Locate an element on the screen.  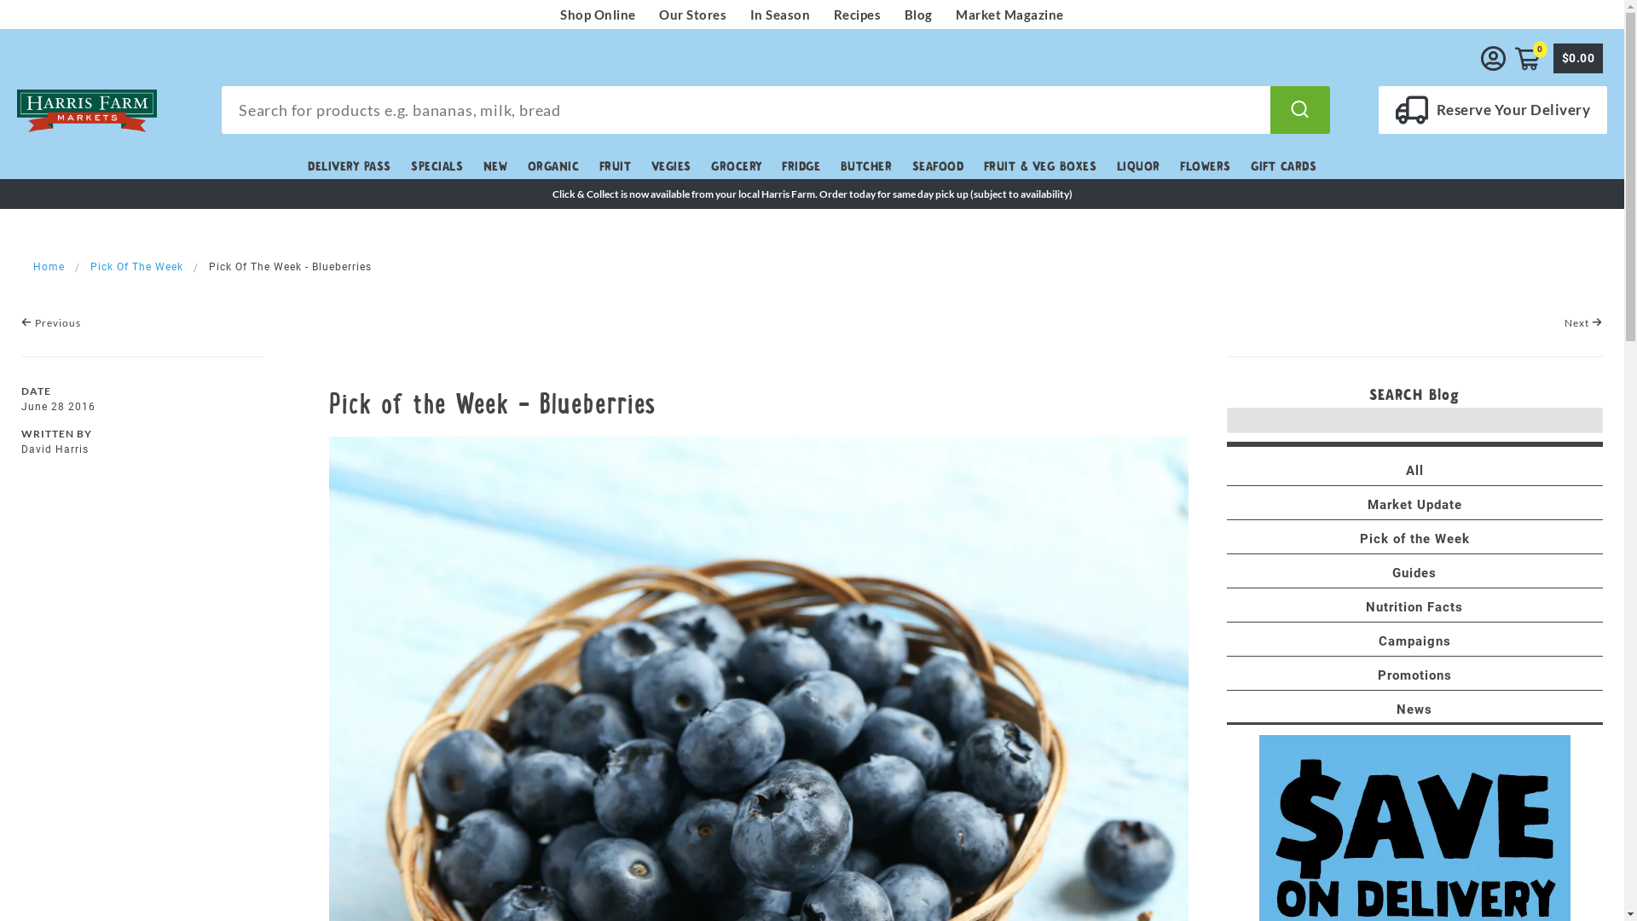
'FLOWERS' is located at coordinates (1205, 166).